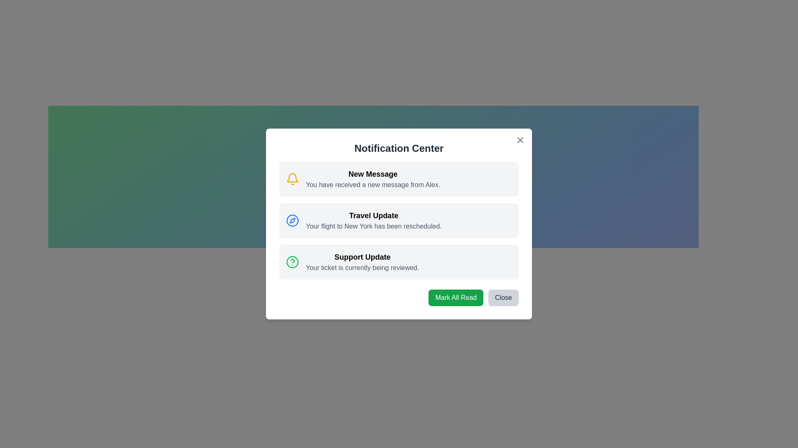  I want to click on the notification icon for the 'New Message' located to the left of the text 'New Message' in the notification center, so click(293, 179).